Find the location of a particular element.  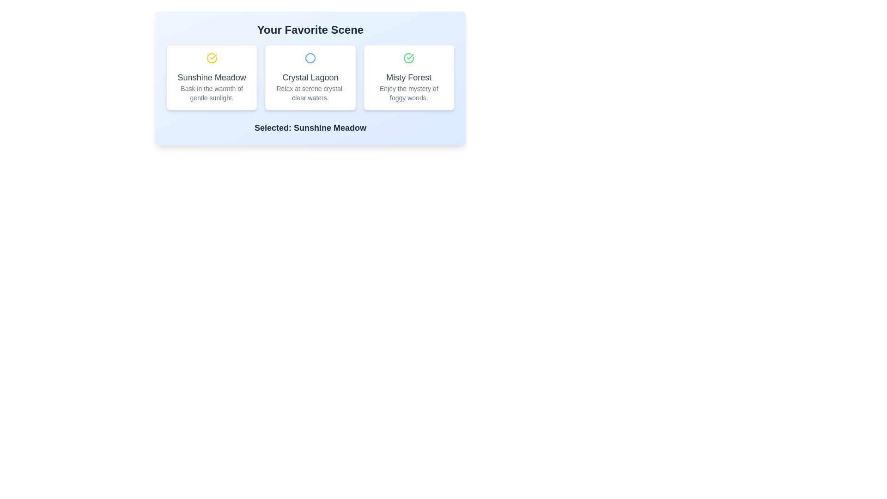

the circular icon with a yellow outline and a checkmark inside, located at the top-center of the 'Sunshine Meadow' card is located at coordinates (211, 58).